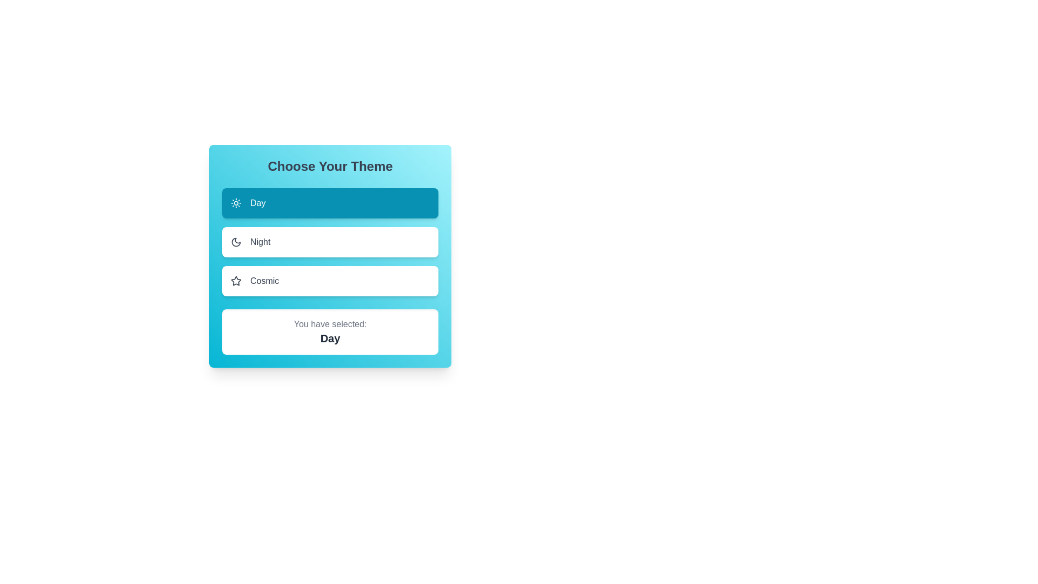 This screenshot has height=584, width=1038. I want to click on the text label that reads 'Choose Your Theme', which is styled with bold, extra-large gray font at the top-center of the gradient background box, so click(329, 167).